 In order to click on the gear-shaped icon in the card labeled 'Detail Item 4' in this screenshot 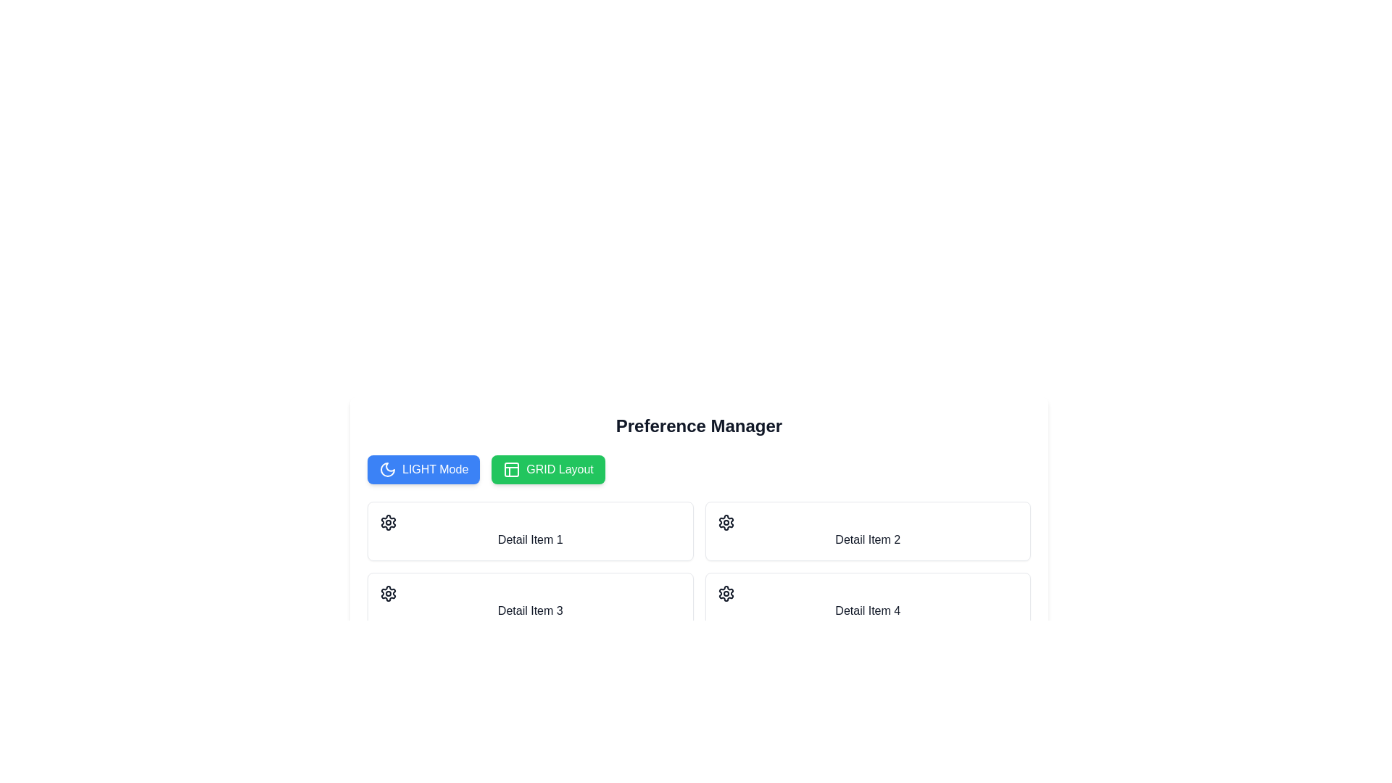, I will do `click(726, 593)`.